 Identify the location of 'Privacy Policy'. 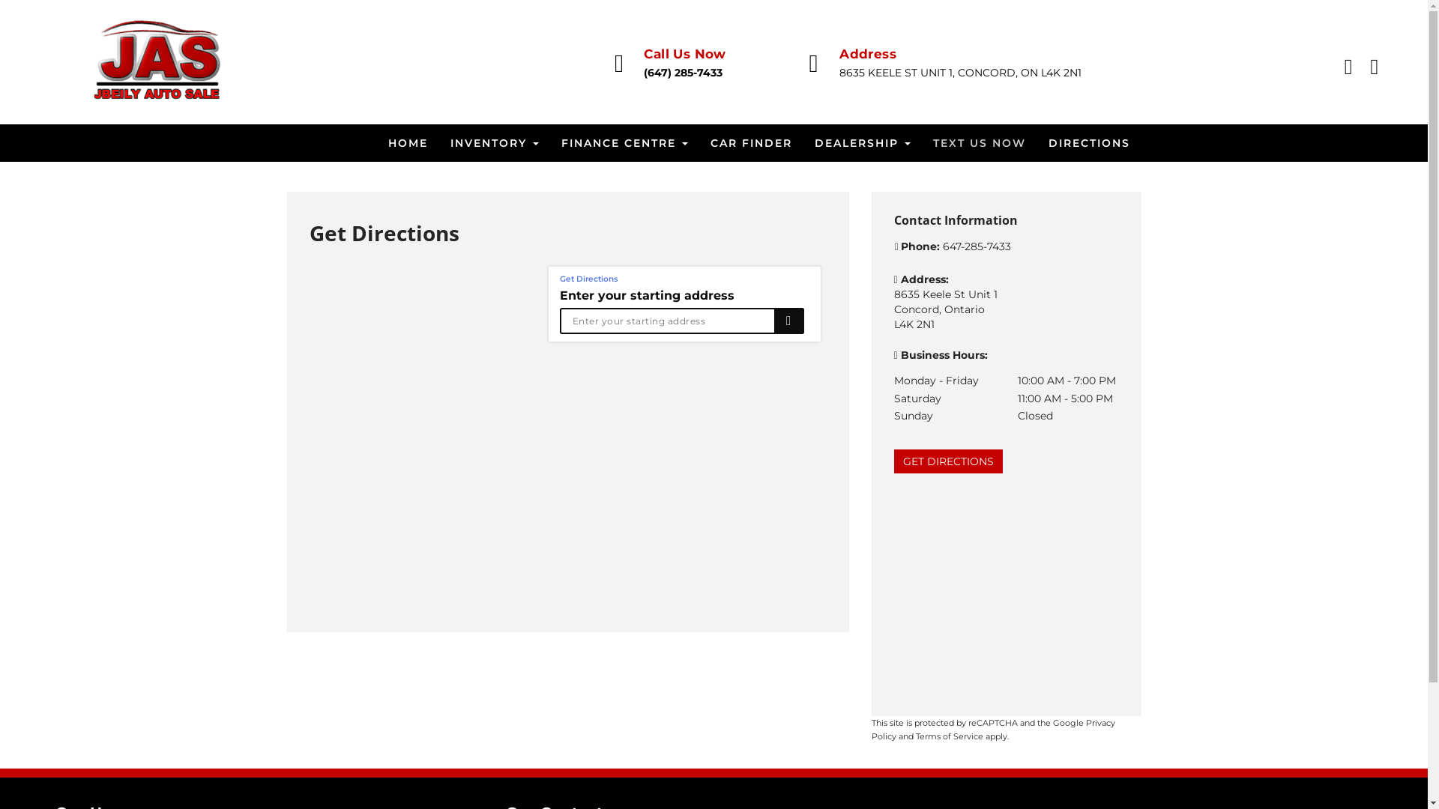
(992, 729).